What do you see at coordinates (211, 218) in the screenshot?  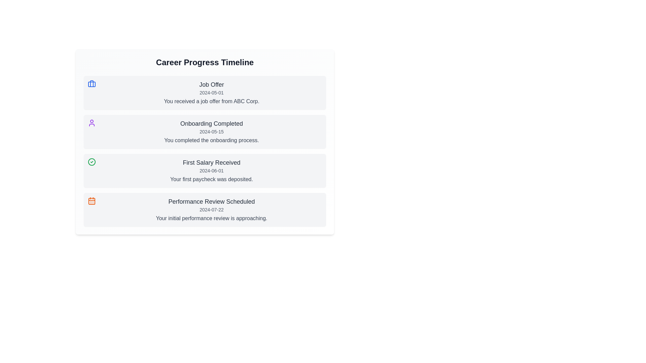 I see `dark gray text located below the date '2024-07-22' and the title 'Performance Review Scheduled' in the 'Career Progress Timeline' section` at bounding box center [211, 218].